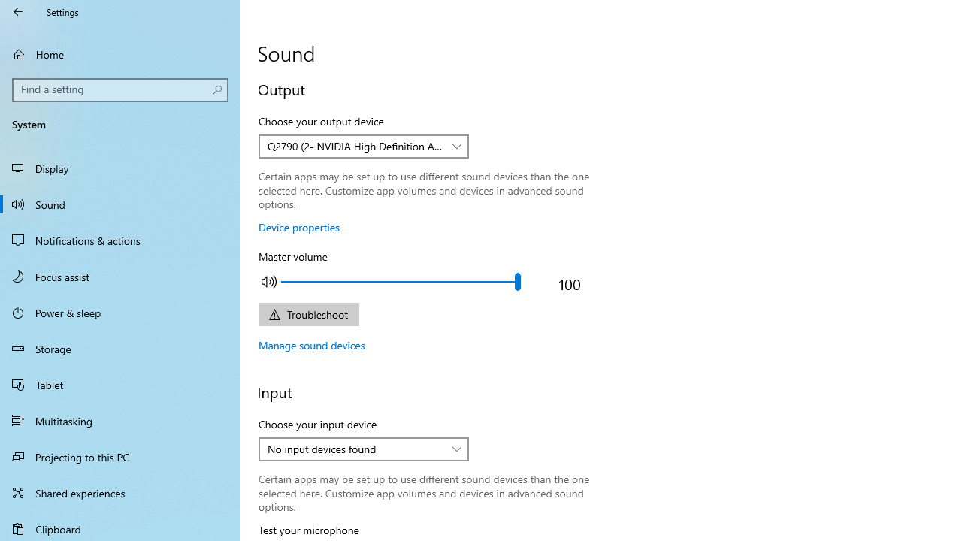 This screenshot has width=962, height=541. I want to click on 'Notifications & actions', so click(120, 240).